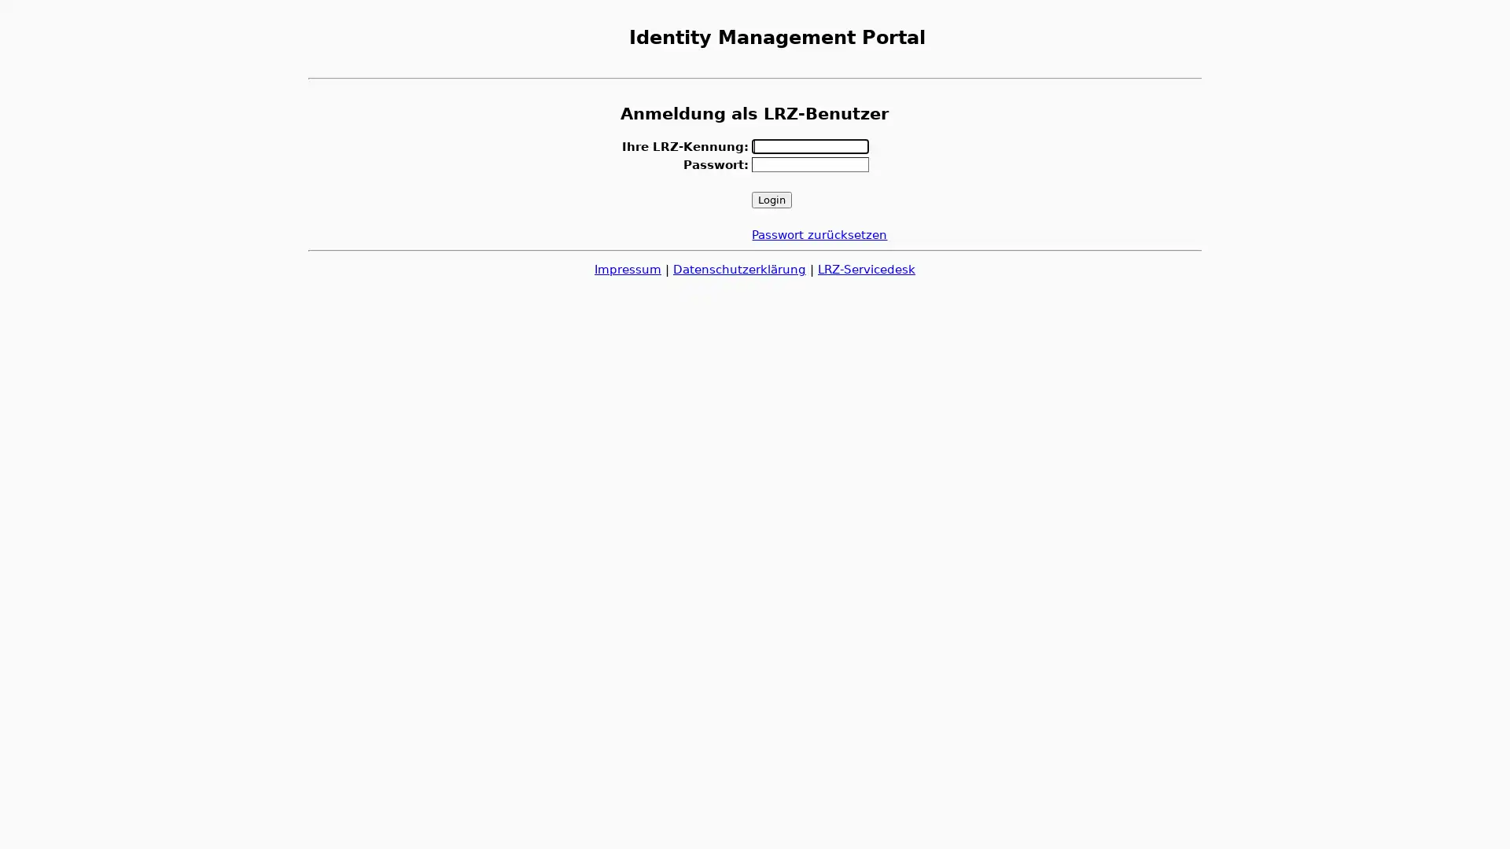 Image resolution: width=1510 pixels, height=849 pixels. I want to click on Login, so click(772, 208).